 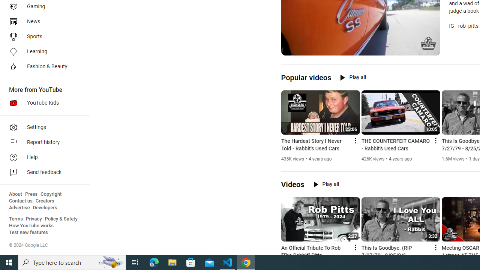 What do you see at coordinates (21, 201) in the screenshot?
I see `'Contact us'` at bounding box center [21, 201].